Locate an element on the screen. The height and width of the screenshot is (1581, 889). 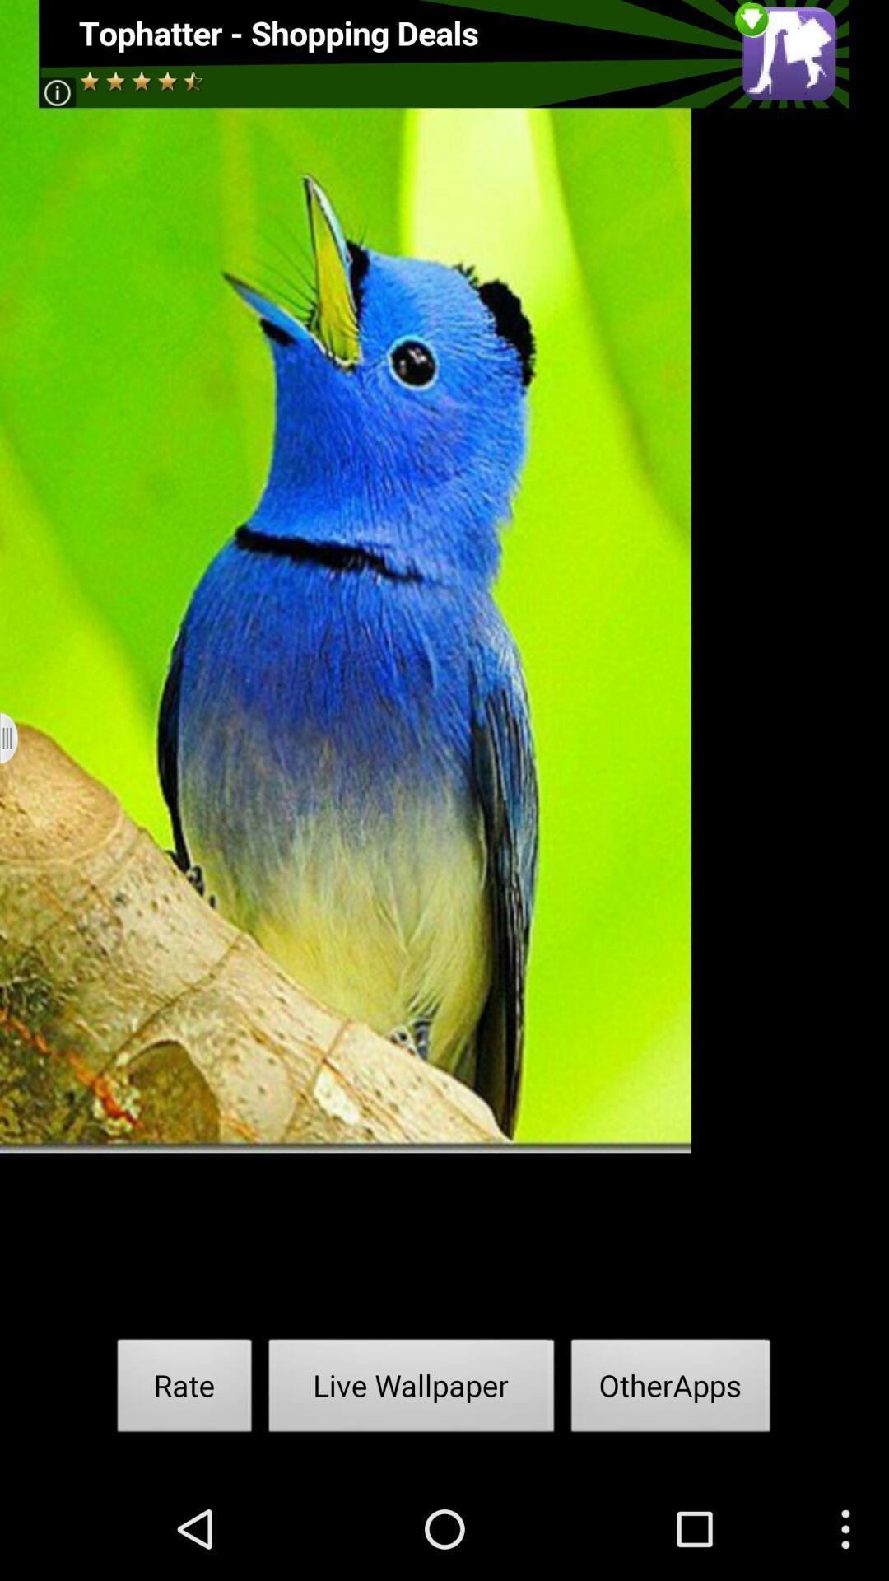
previous button is located at coordinates (19, 737).